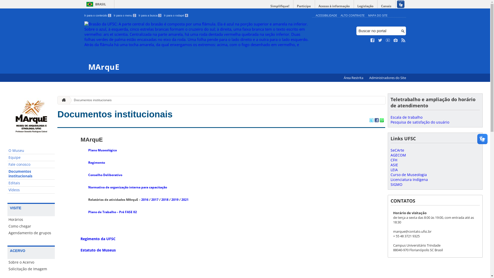 This screenshot has width=494, height=278. Describe the element at coordinates (394, 170) in the screenshot. I see `'LEIA'` at that location.